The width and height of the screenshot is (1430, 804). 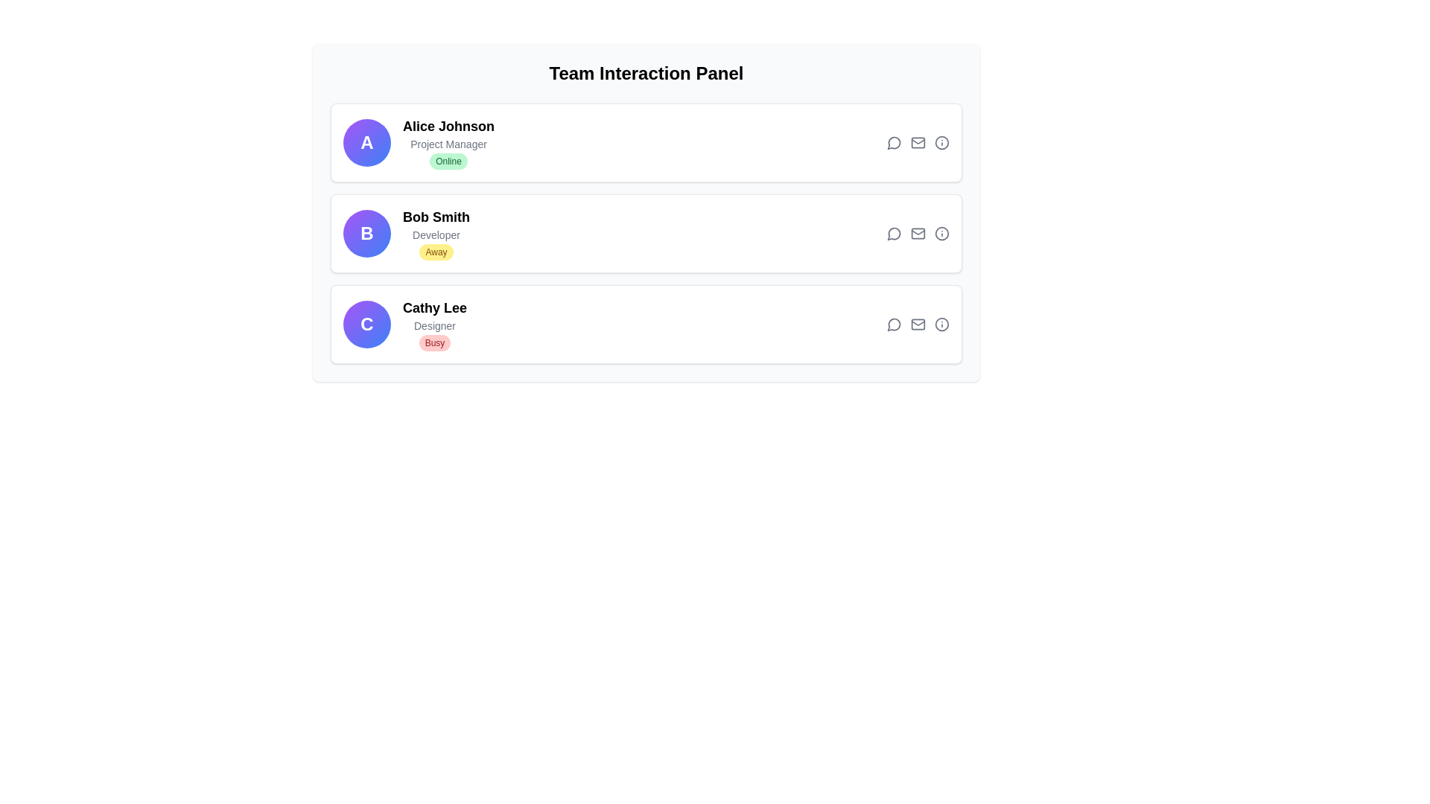 I want to click on the Text header element that serves as the title for the team interaction panel, which is located at the very top of the main panel, so click(x=646, y=74).